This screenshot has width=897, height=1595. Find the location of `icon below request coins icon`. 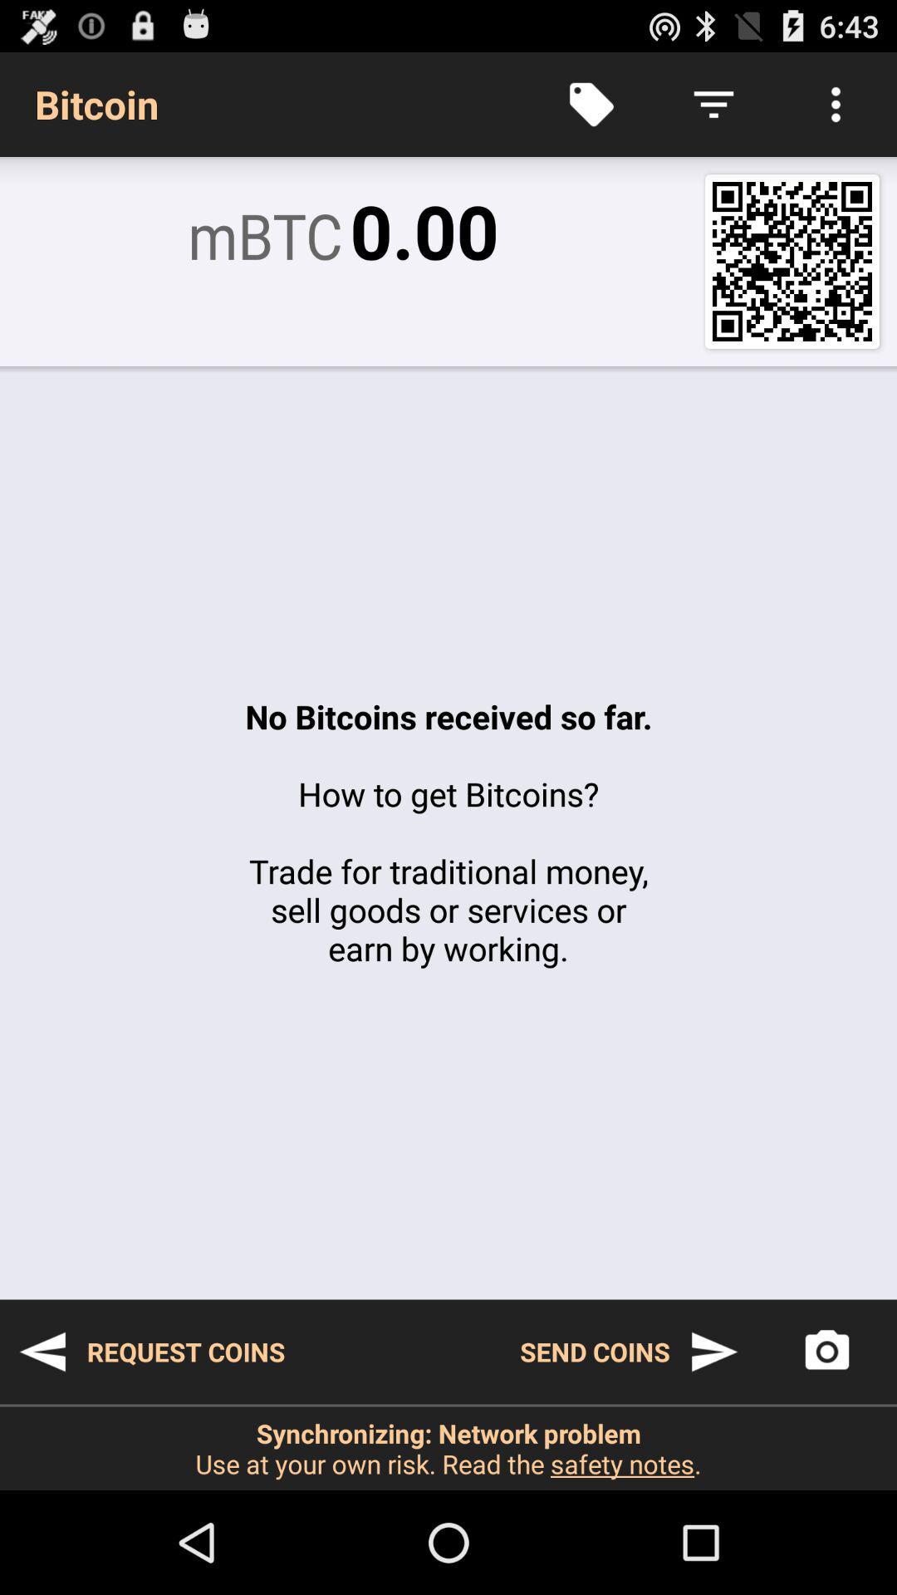

icon below request coins icon is located at coordinates (448, 1447).